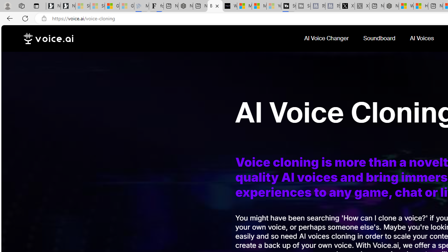  What do you see at coordinates (391, 6) in the screenshot?
I see `'Nordace - My Account'` at bounding box center [391, 6].